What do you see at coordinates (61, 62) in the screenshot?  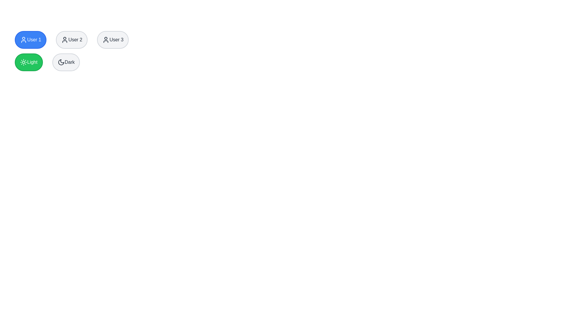 I see `the crescent moon icon within the 'Dark' button, which is located near the bottom-right of the interface, next to the 'Light' button` at bounding box center [61, 62].